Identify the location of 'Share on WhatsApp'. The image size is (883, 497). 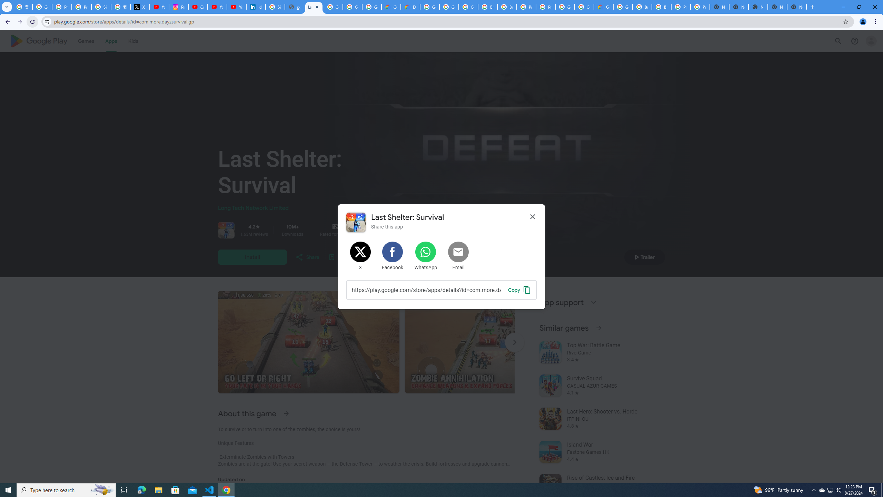
(425, 256).